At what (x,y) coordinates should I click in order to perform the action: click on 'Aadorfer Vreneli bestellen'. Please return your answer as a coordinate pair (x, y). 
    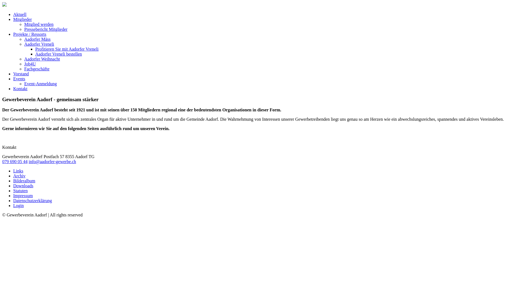
    Looking at the image, I should click on (58, 54).